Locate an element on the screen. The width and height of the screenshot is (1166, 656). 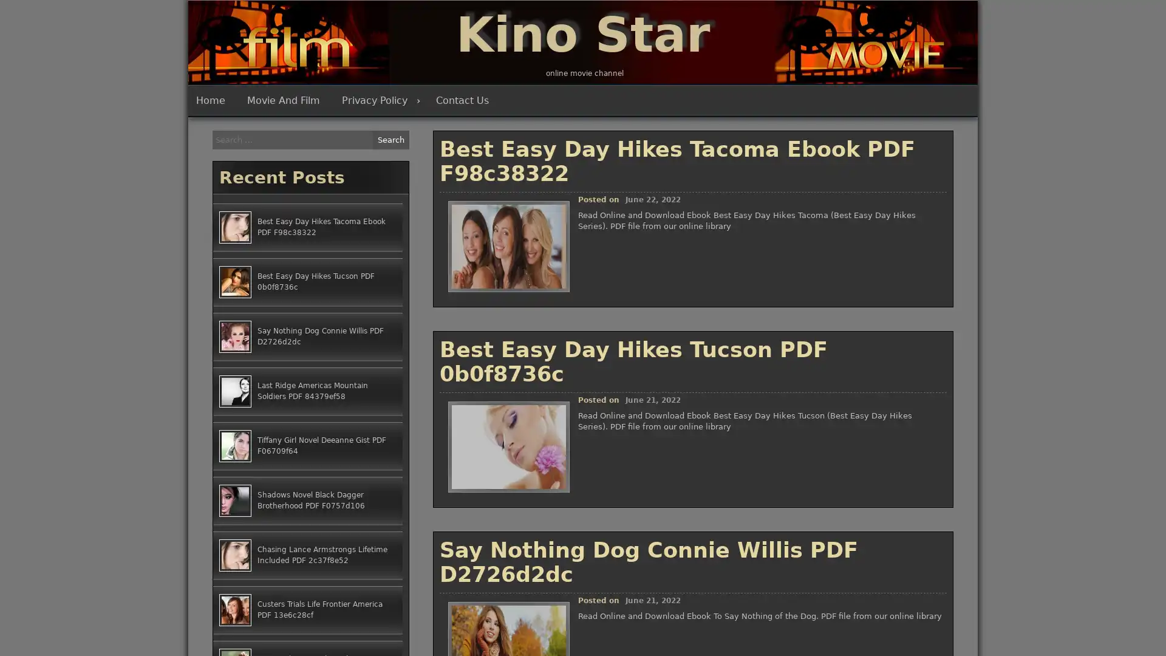
Search is located at coordinates (390, 139).